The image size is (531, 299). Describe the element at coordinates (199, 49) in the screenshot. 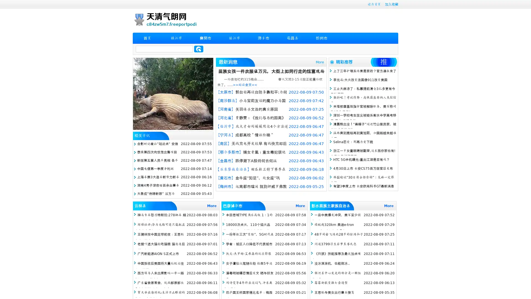

I see `Search` at that location.